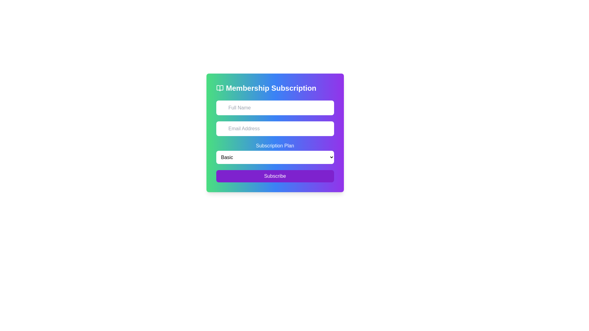  Describe the element at coordinates (275, 176) in the screenshot. I see `the 'Subscribe' button with a vivid purple background` at that location.